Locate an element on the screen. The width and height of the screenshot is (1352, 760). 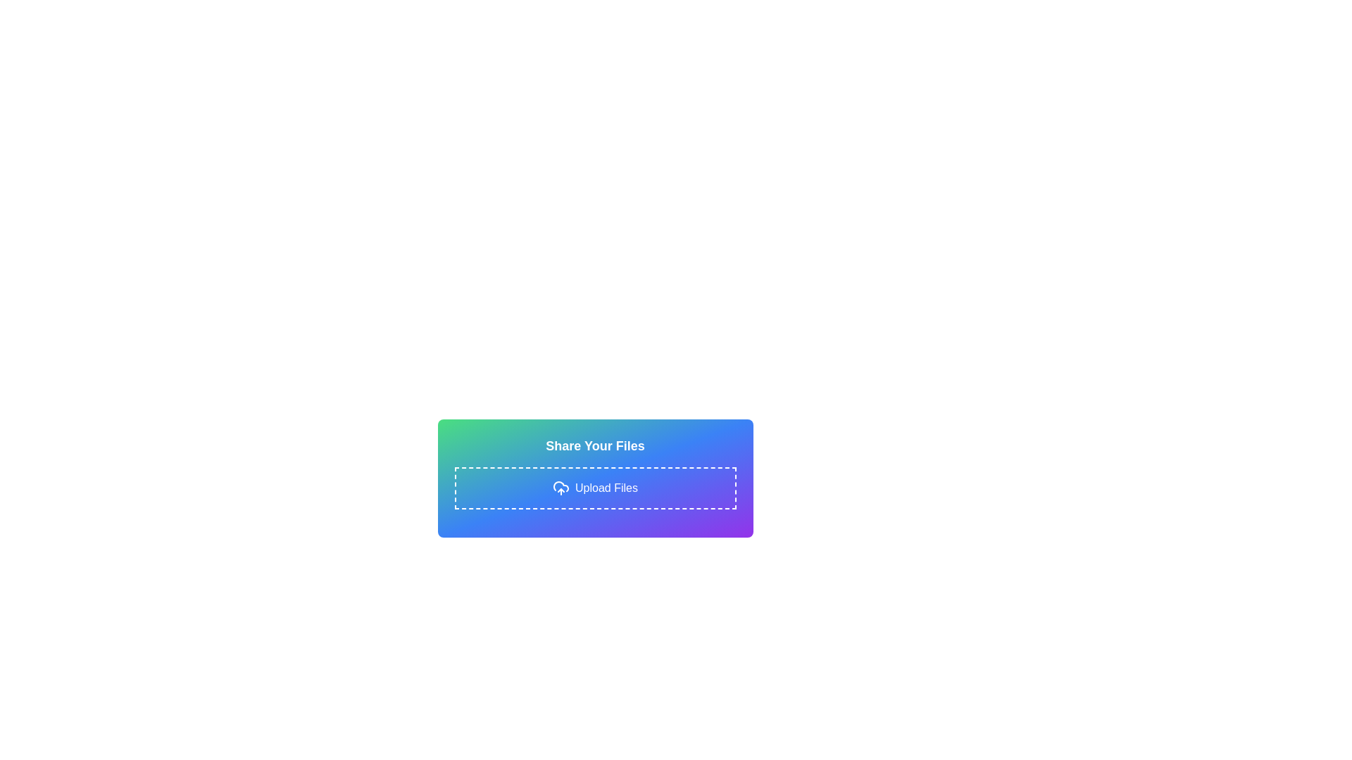
the 'Upload Files' button, which is a rectangular area with a dashed border and a gradient background, to trigger visual effects is located at coordinates (595, 488).